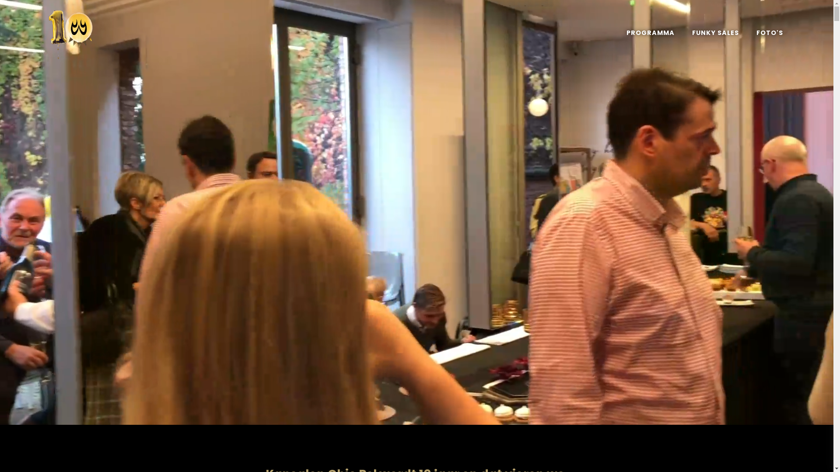 The height and width of the screenshot is (472, 840). What do you see at coordinates (715, 32) in the screenshot?
I see `'FUNKY SALES'` at bounding box center [715, 32].